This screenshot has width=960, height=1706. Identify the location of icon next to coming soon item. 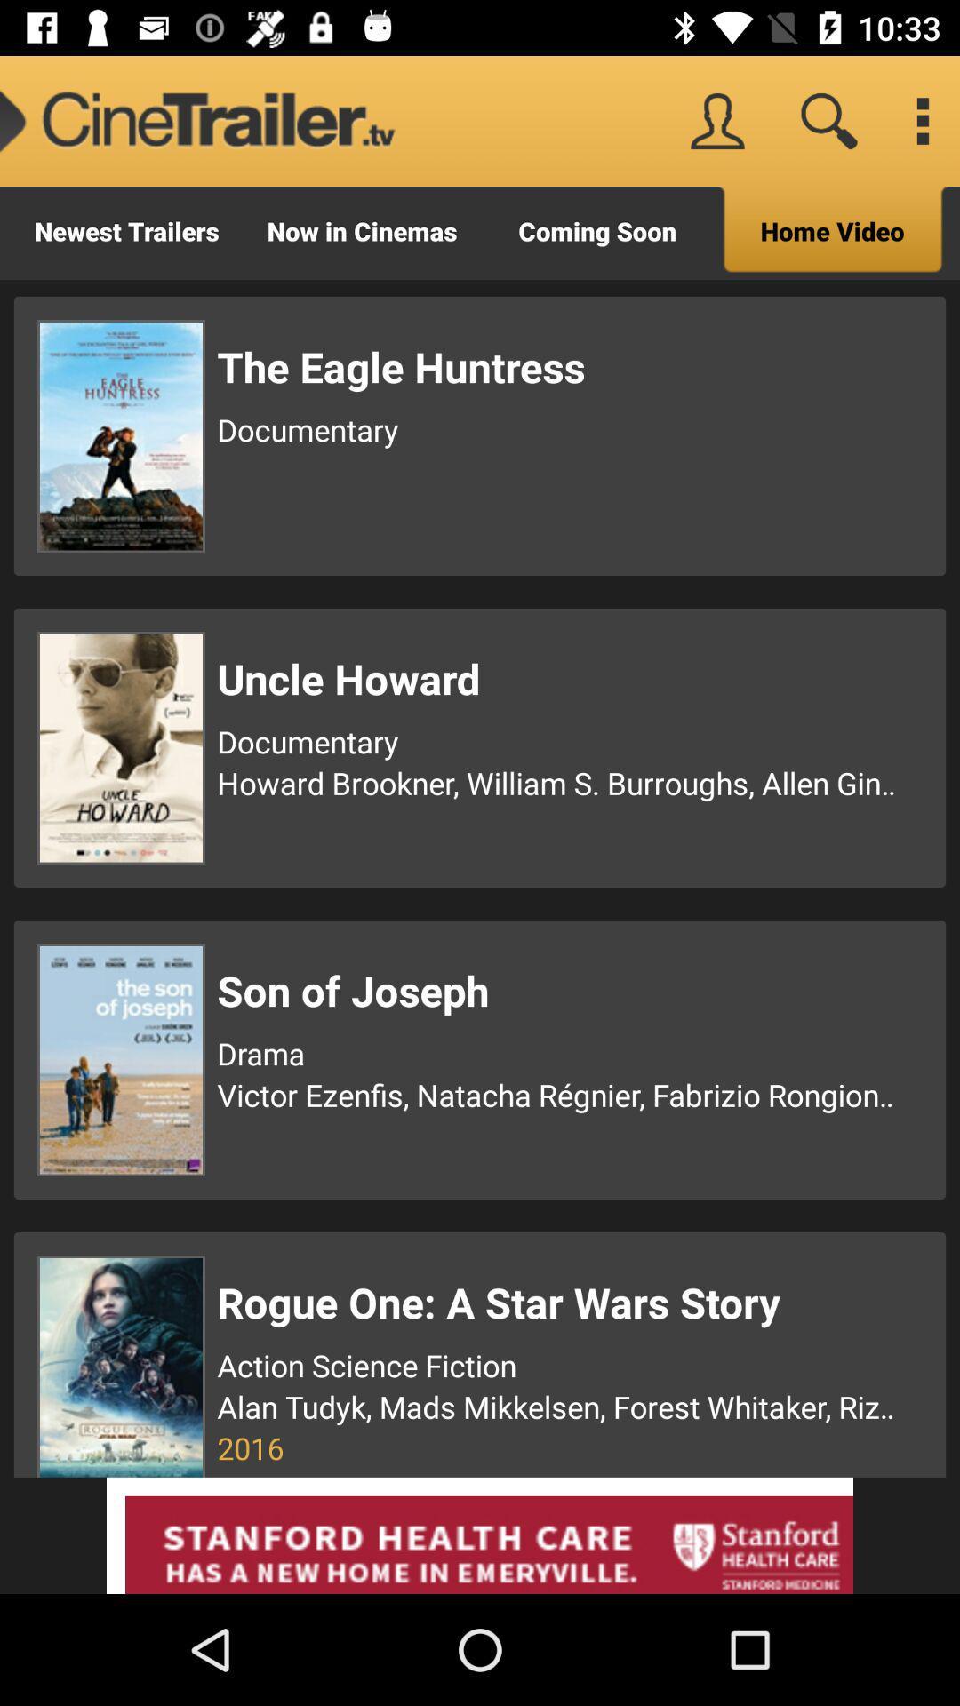
(198, 120).